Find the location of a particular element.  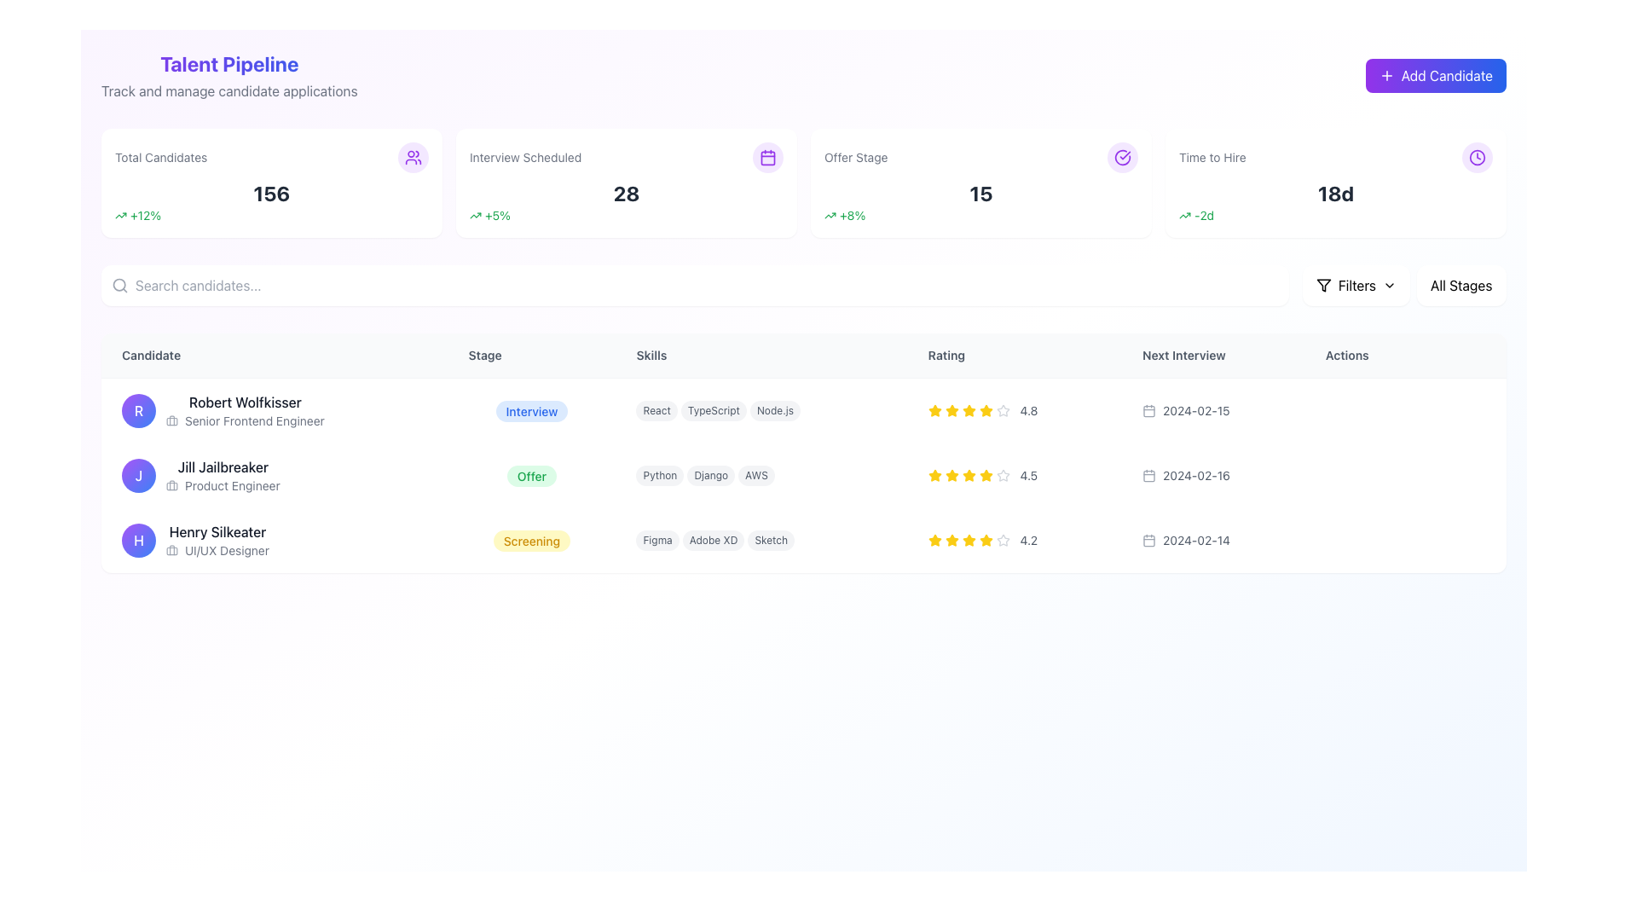

numerical text '4.5' displayed in gray color within the 'Rating' column of the second row in the data table is located at coordinates (1027, 476).